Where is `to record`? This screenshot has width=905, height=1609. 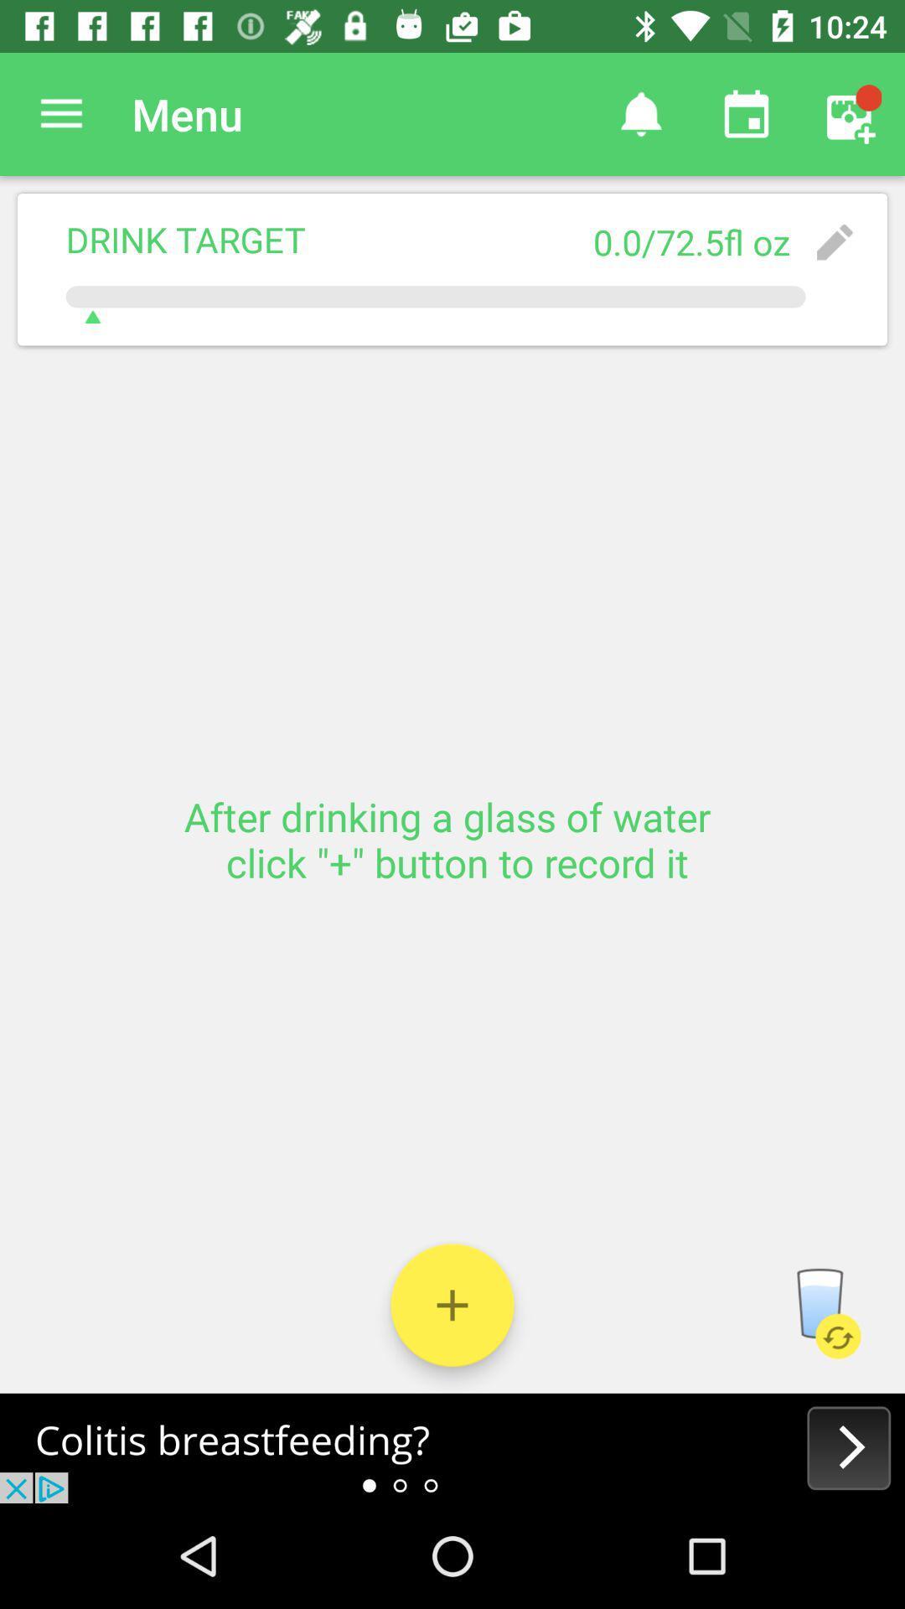
to record is located at coordinates (452, 1304).